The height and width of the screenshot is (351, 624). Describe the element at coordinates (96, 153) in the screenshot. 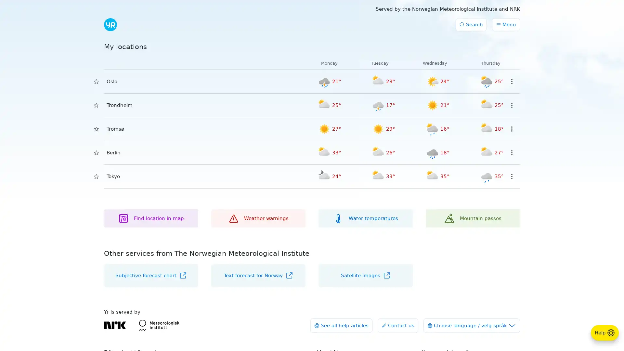

I see `Add to "My locations"` at that location.